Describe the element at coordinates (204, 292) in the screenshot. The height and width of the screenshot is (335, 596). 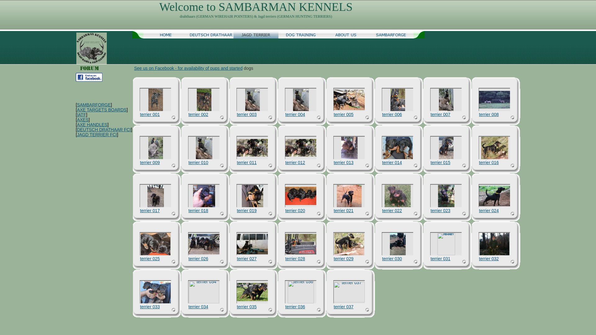
I see `'terrier 034'` at that location.